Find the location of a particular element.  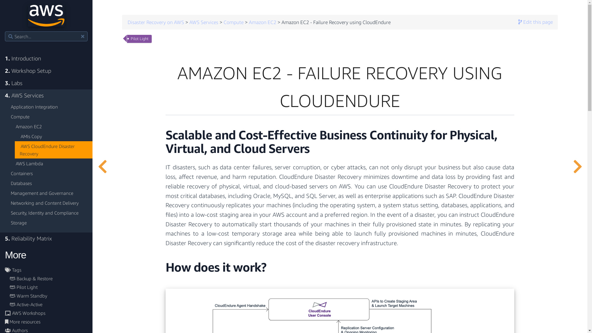

'More resources' is located at coordinates (46, 321).